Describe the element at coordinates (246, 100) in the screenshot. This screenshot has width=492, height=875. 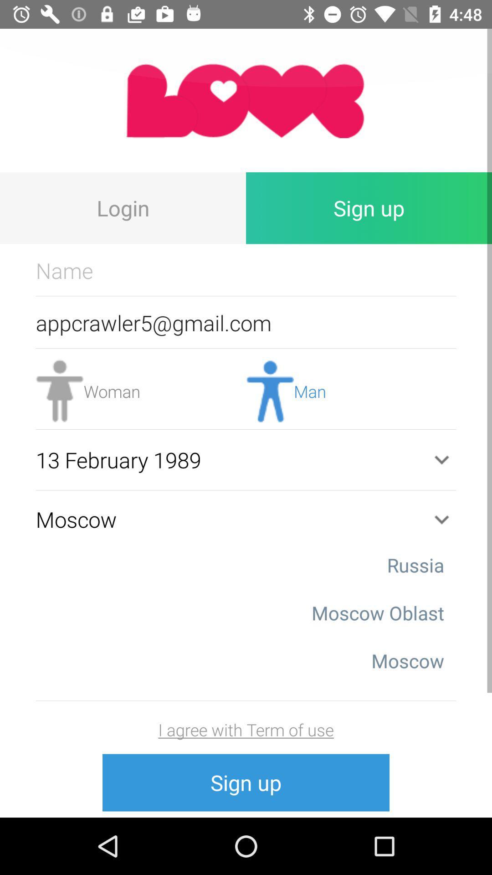
I see `home page` at that location.